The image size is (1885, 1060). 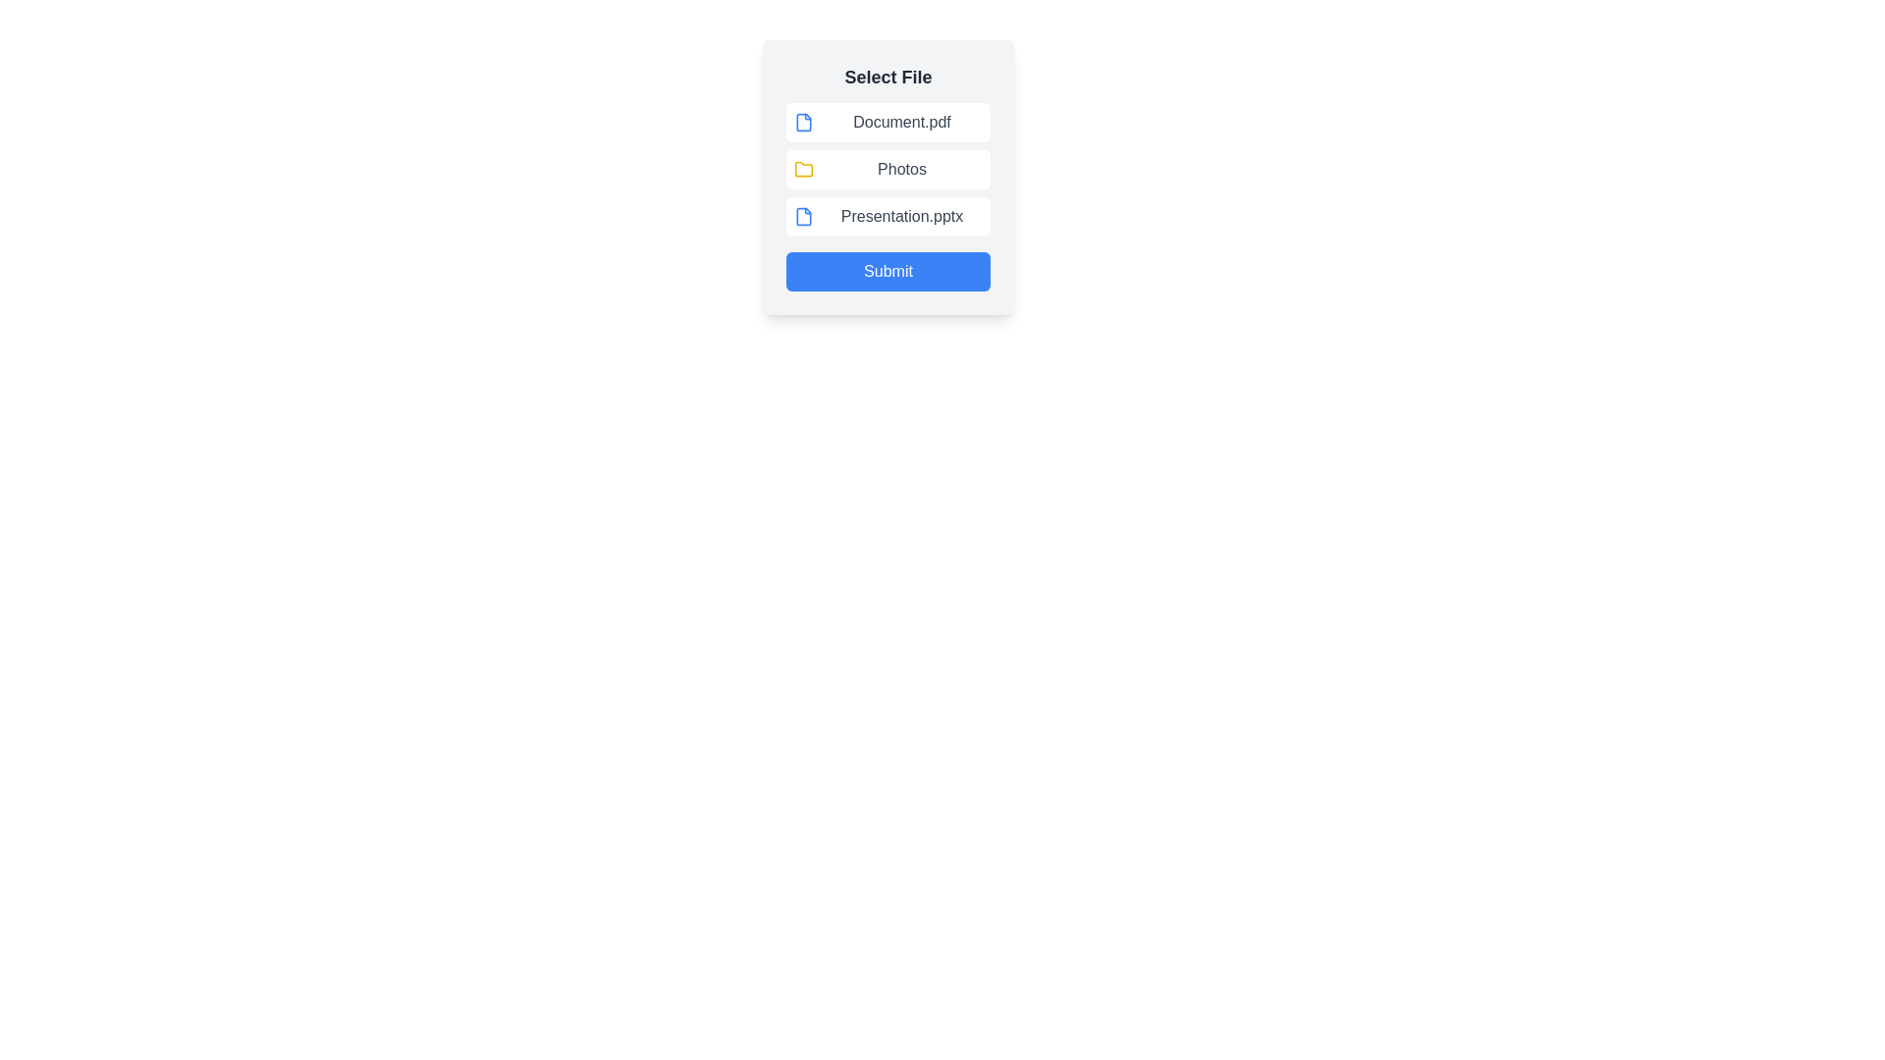 What do you see at coordinates (900, 216) in the screenshot?
I see `the text label displaying the file name 'Presentation.pptx', which is part of a file selection interface and is located near the middle of the interface, horizontally centered under the heading 'Select File'` at bounding box center [900, 216].